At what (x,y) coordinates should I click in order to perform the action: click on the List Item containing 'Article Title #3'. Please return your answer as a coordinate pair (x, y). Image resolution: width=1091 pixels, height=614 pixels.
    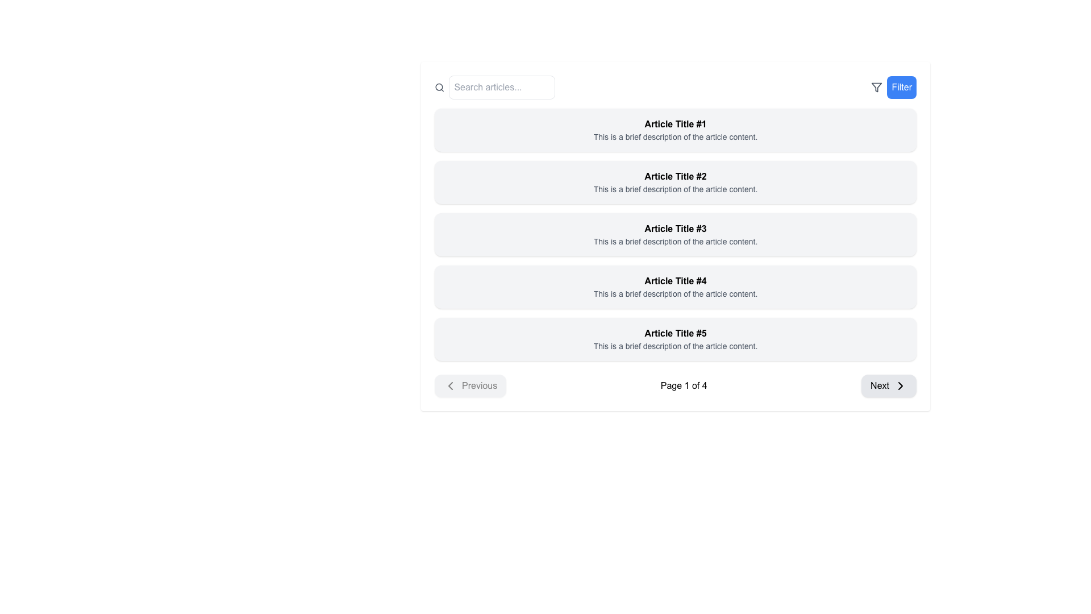
    Looking at the image, I should click on (676, 234).